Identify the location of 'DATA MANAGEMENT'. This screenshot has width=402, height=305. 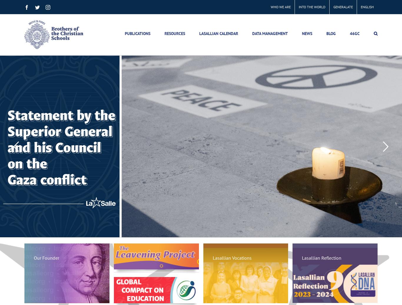
(270, 33).